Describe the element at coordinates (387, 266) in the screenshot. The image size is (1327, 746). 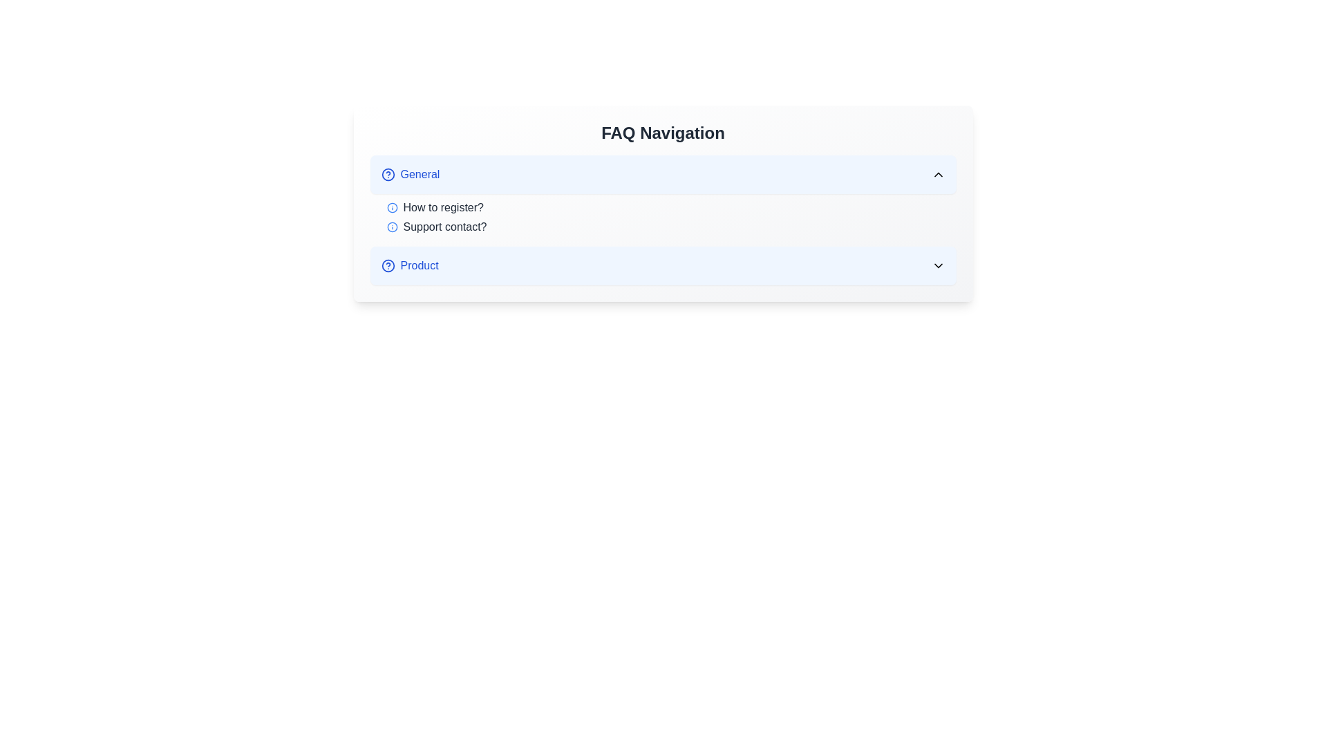
I see `the circular icon element representing the 'Product' FAQ section, located in the FAQ navigation panel adjacent to the 'Product' text` at that location.